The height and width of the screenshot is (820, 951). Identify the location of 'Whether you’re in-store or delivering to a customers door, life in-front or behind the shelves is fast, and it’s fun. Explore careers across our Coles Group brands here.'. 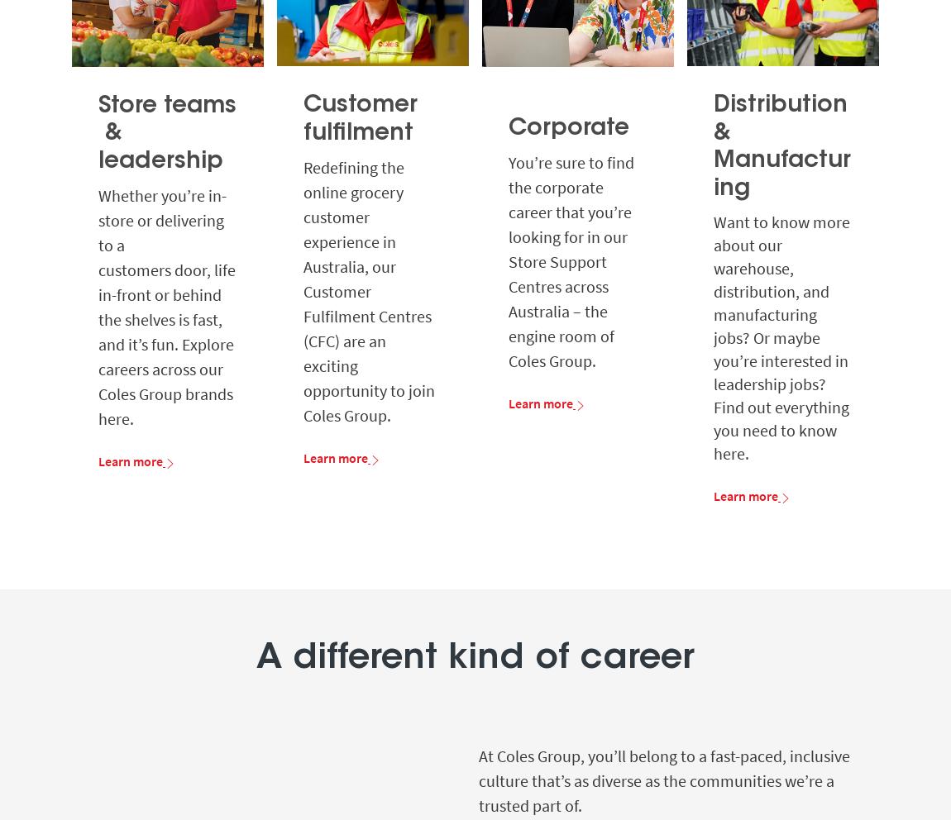
(166, 305).